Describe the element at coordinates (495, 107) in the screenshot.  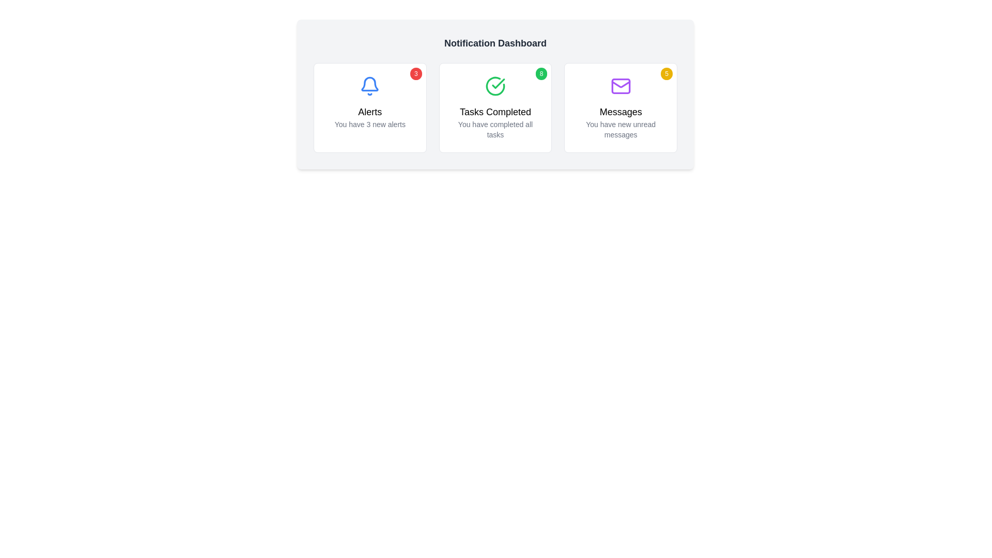
I see `the grid layout containing 'Alerts', 'Tasks Completed', and 'Messages' sections` at that location.